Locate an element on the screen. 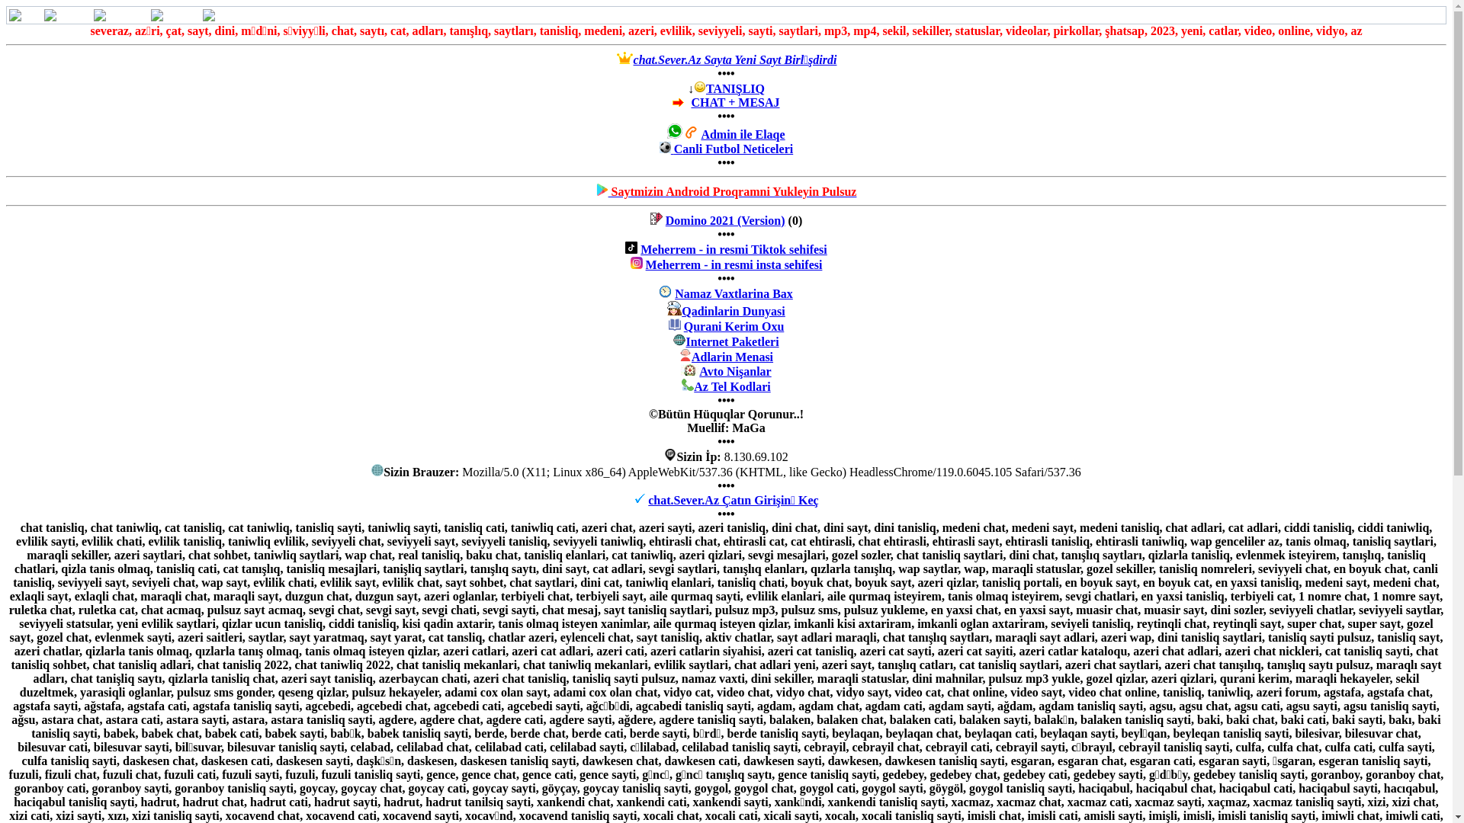 The width and height of the screenshot is (1464, 823). 'Meherrem - in resmi Tiktok sehifesi' is located at coordinates (734, 248).